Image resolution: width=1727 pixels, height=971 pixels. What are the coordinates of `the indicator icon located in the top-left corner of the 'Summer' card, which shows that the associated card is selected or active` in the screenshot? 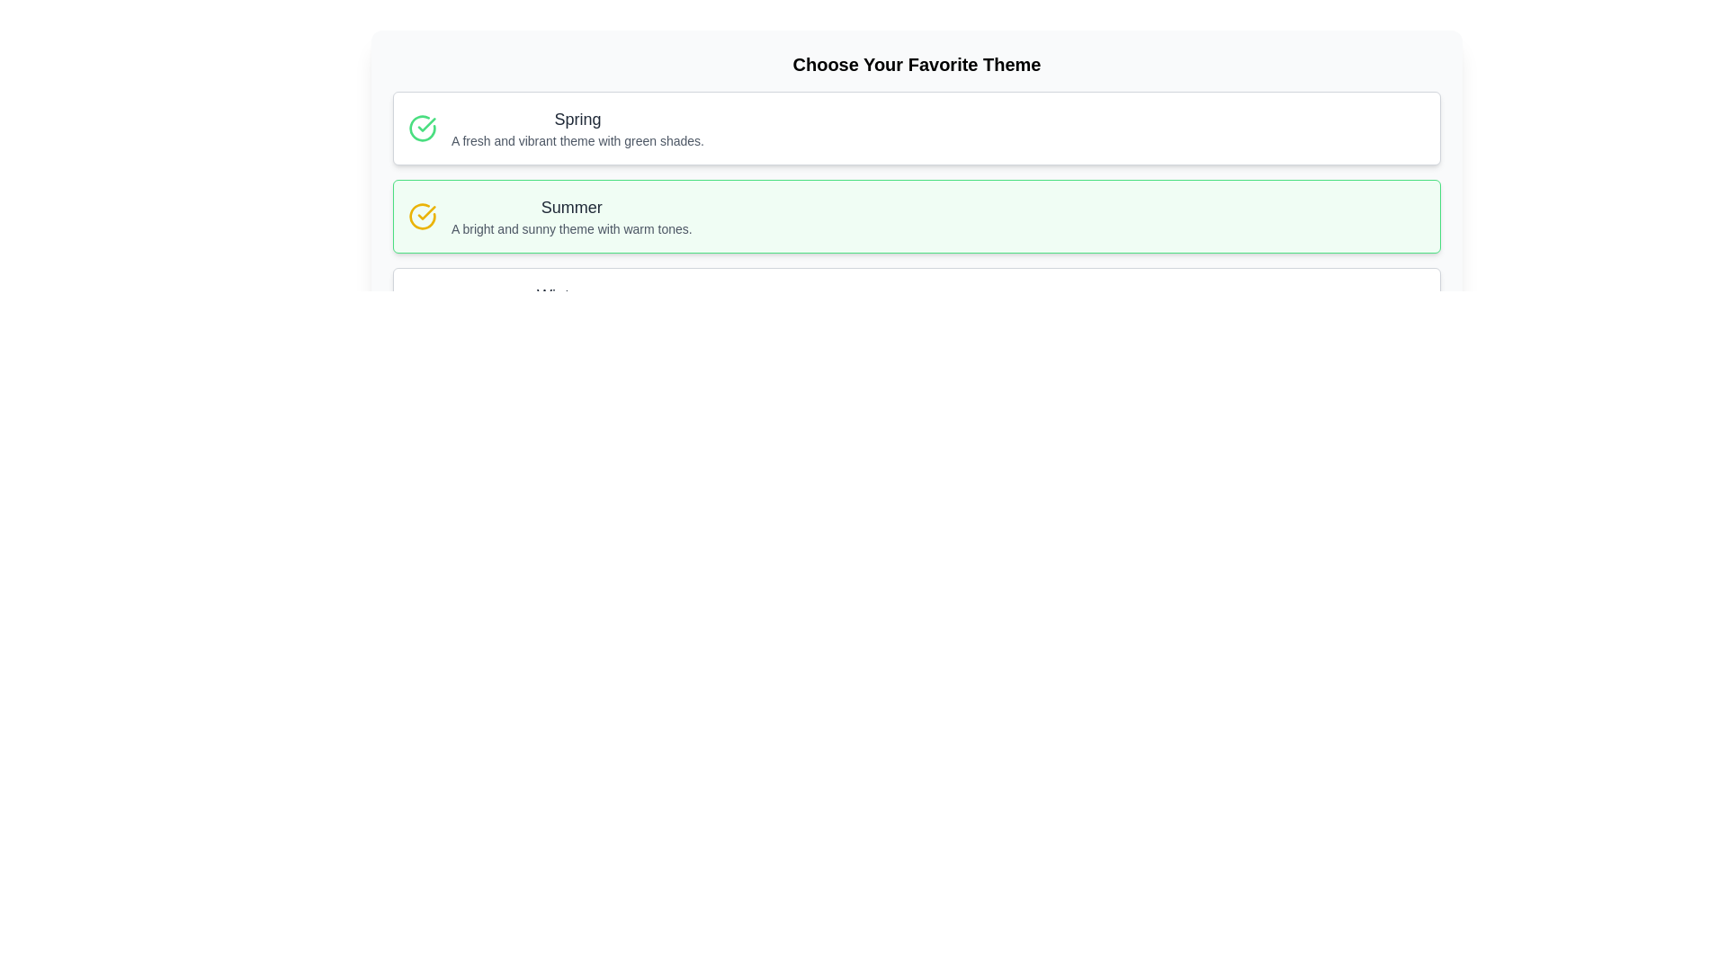 It's located at (422, 215).